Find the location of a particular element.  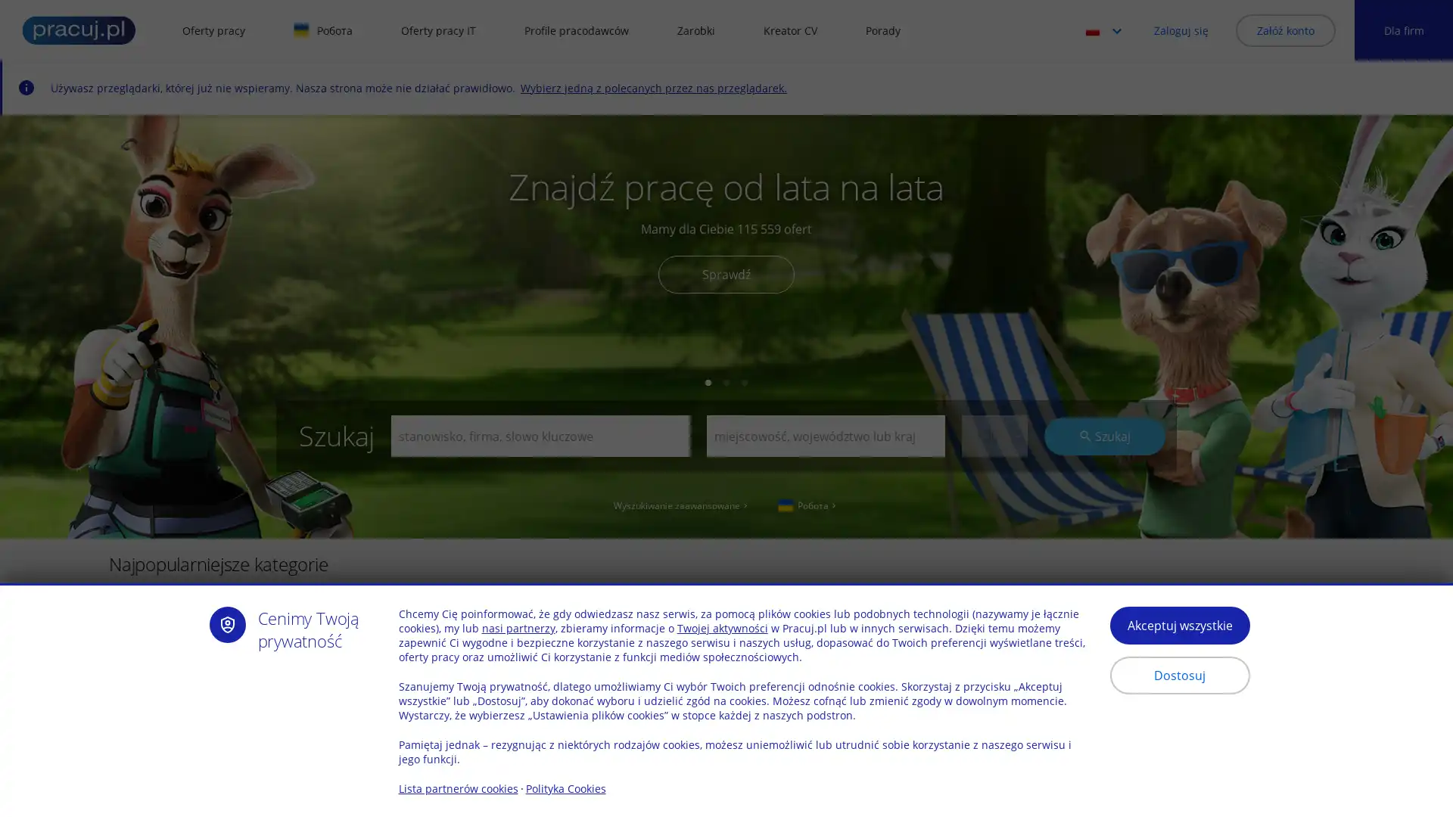

+ 75 km is located at coordinates (994, 716).